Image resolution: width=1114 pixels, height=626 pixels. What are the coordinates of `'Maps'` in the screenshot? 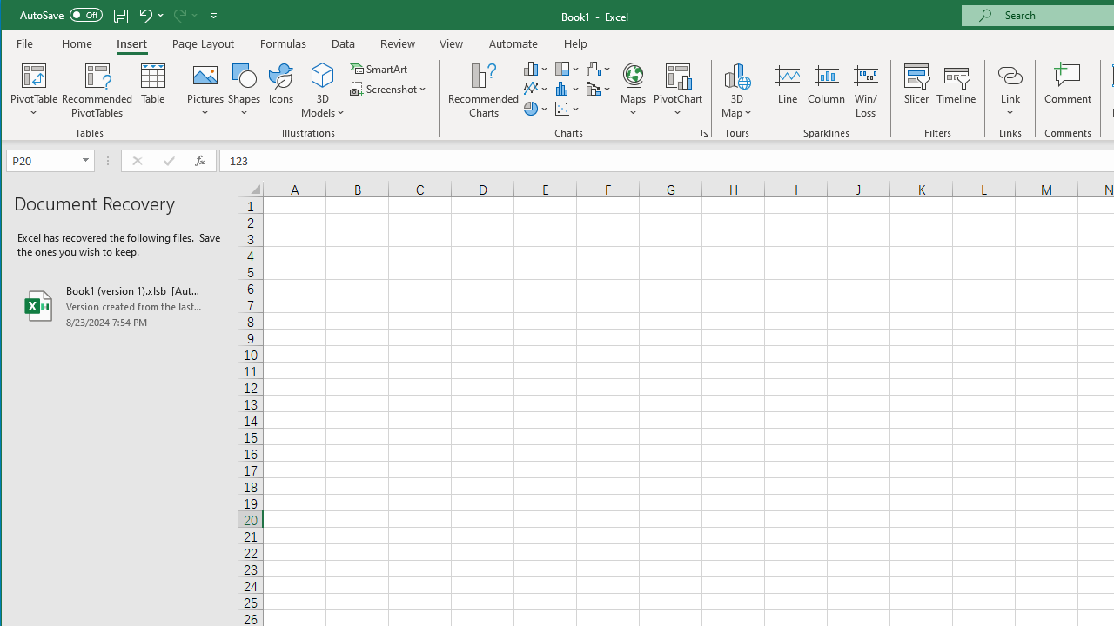 It's located at (632, 90).